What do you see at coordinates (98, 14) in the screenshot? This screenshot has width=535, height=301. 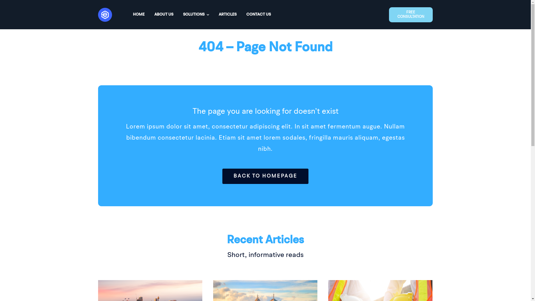 I see `'Asset 1Eighteen33'` at bounding box center [98, 14].